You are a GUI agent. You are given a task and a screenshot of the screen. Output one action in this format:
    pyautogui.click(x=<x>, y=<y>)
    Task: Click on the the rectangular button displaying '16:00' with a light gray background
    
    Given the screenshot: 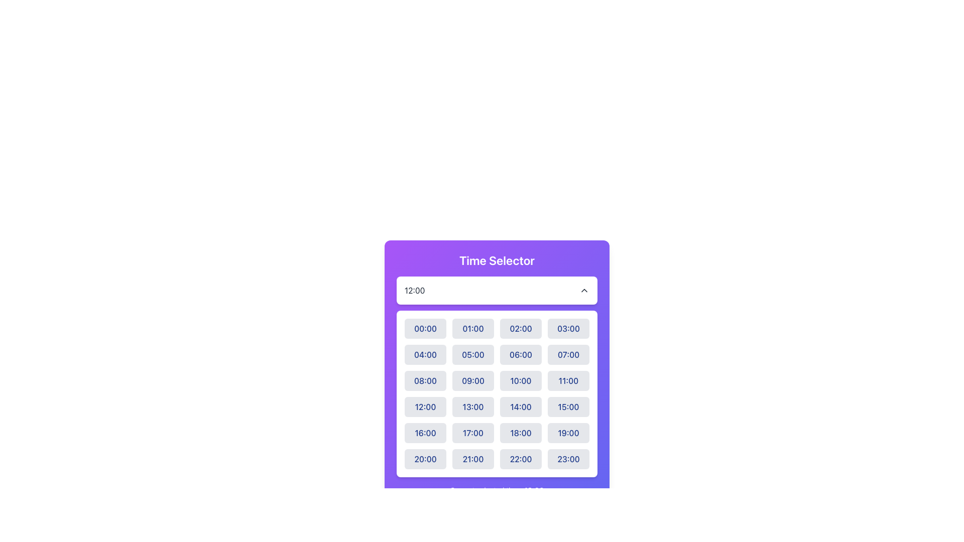 What is the action you would take?
    pyautogui.click(x=425, y=433)
    